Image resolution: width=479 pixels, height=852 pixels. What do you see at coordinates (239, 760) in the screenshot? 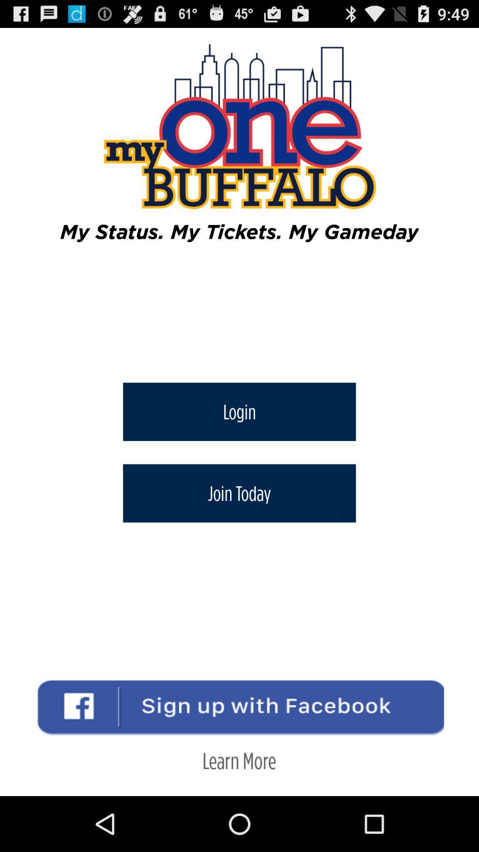
I see `the button below the join today item` at bounding box center [239, 760].